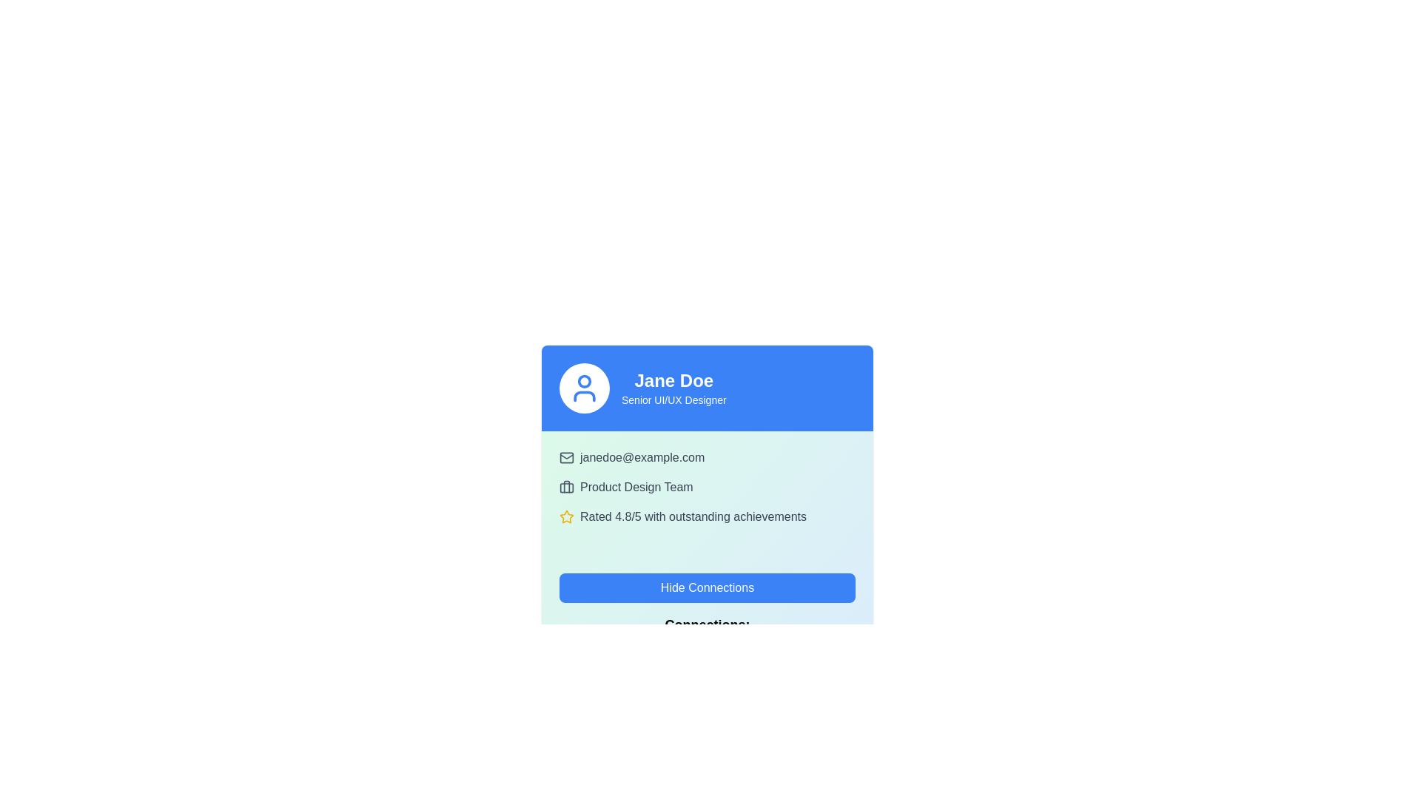 Image resolution: width=1421 pixels, height=799 pixels. Describe the element at coordinates (566, 456) in the screenshot. I see `the email icon, which is an outlined envelope with a gray color, located immediately to the left of the text 'janedoe@example.com'` at that location.